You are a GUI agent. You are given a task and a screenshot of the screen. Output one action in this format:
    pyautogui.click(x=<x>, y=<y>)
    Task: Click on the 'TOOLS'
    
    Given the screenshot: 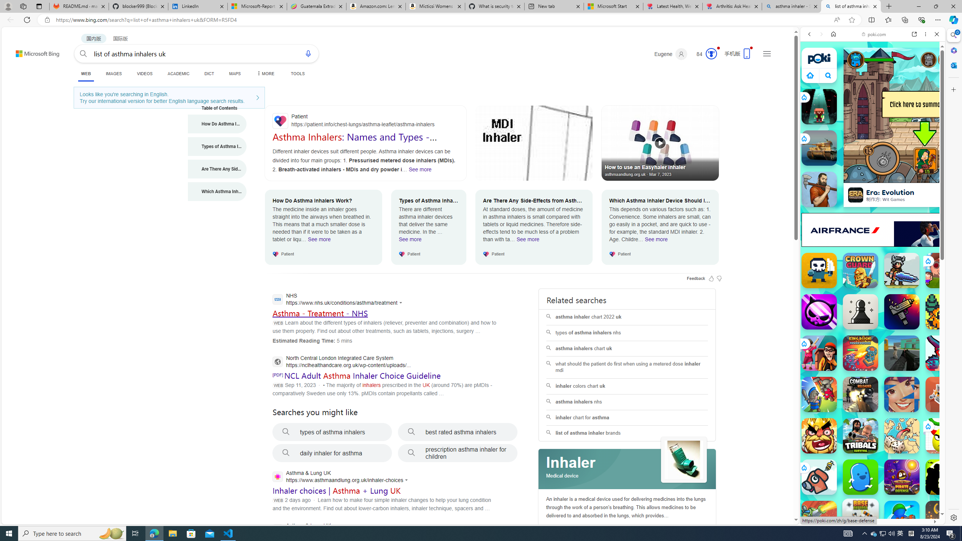 What is the action you would take?
    pyautogui.click(x=297, y=73)
    